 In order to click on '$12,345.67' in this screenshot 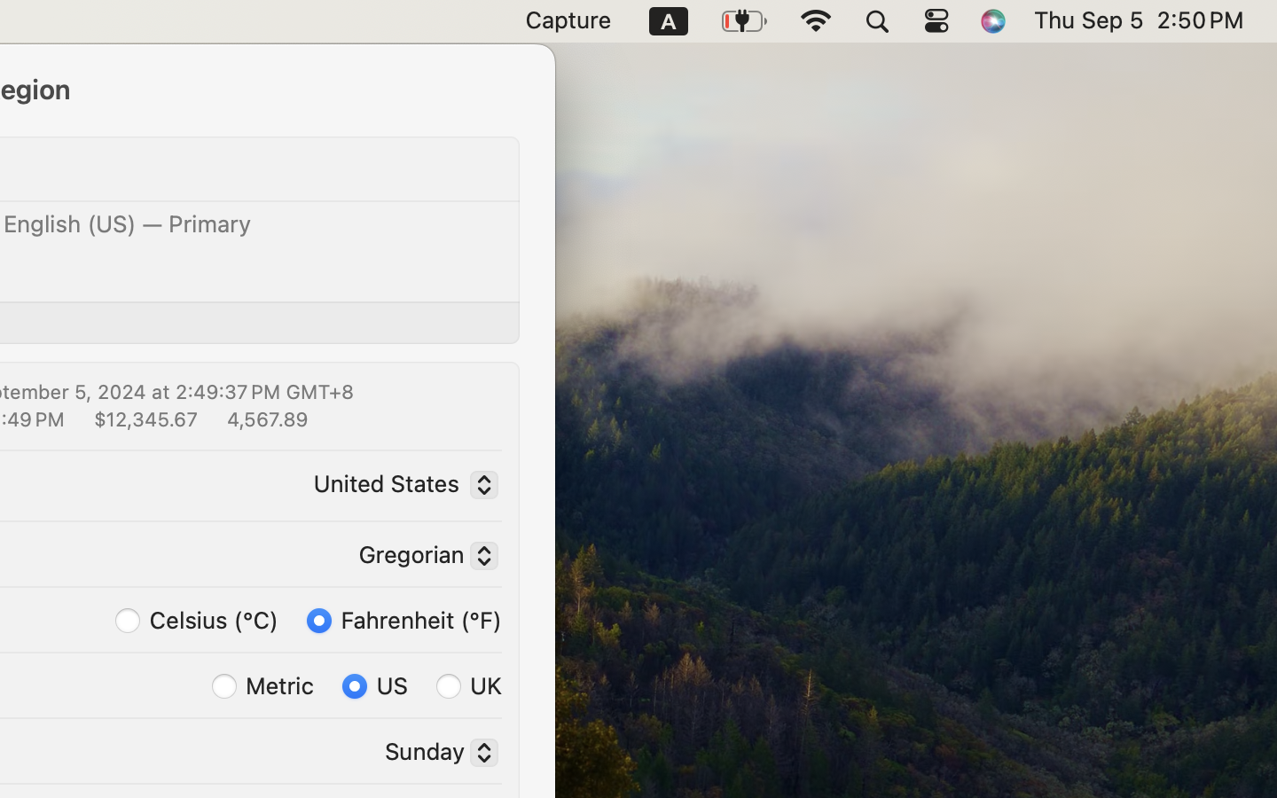, I will do `click(144, 417)`.